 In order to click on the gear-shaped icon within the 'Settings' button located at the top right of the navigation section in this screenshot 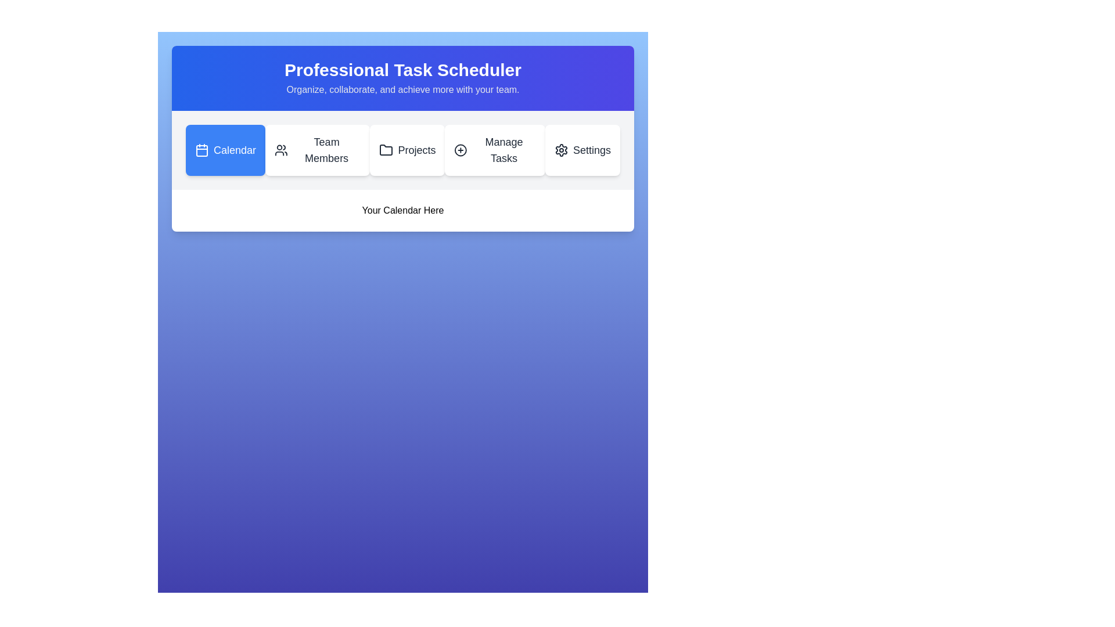, I will do `click(561, 149)`.